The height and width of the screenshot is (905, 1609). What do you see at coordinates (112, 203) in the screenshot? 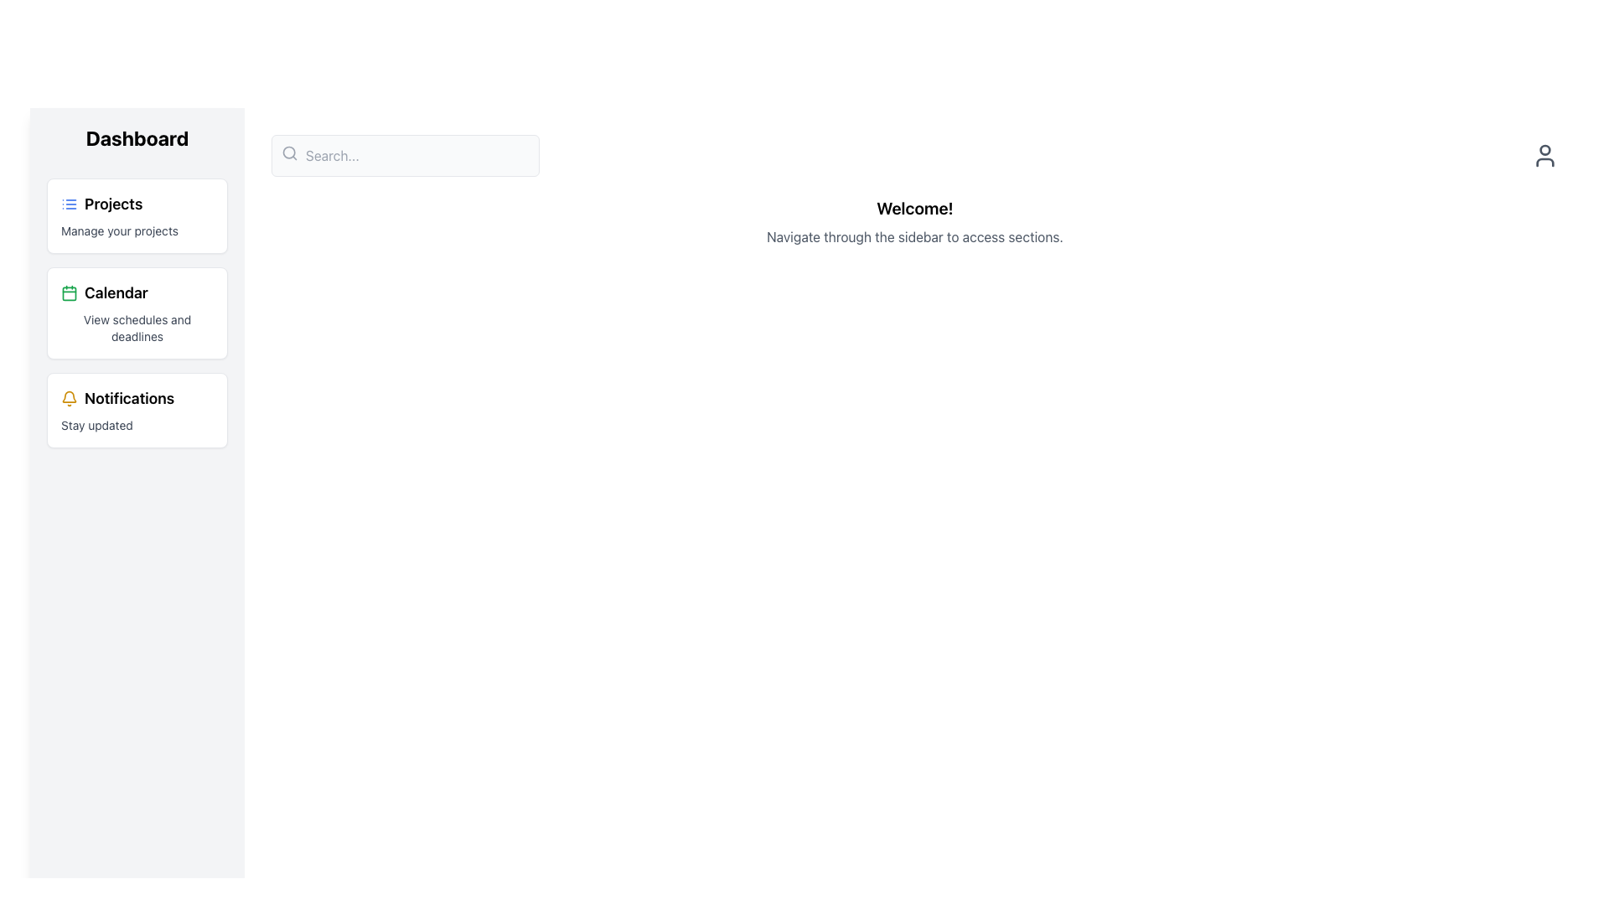
I see `the 'Projects' text label in the navigation sidebar, which is the first item in the list and displayed in bold and enlarged font` at bounding box center [112, 203].